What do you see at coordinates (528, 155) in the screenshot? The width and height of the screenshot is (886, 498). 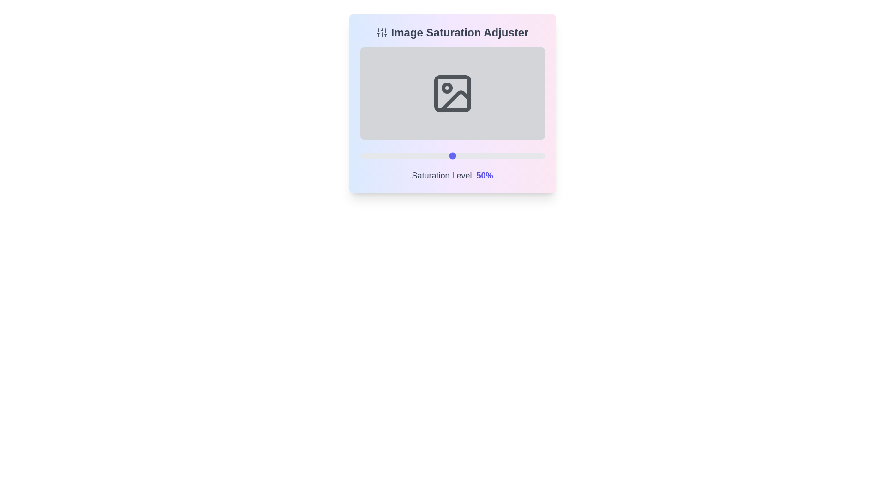 I see `the saturation slider to set the saturation level to 91` at bounding box center [528, 155].